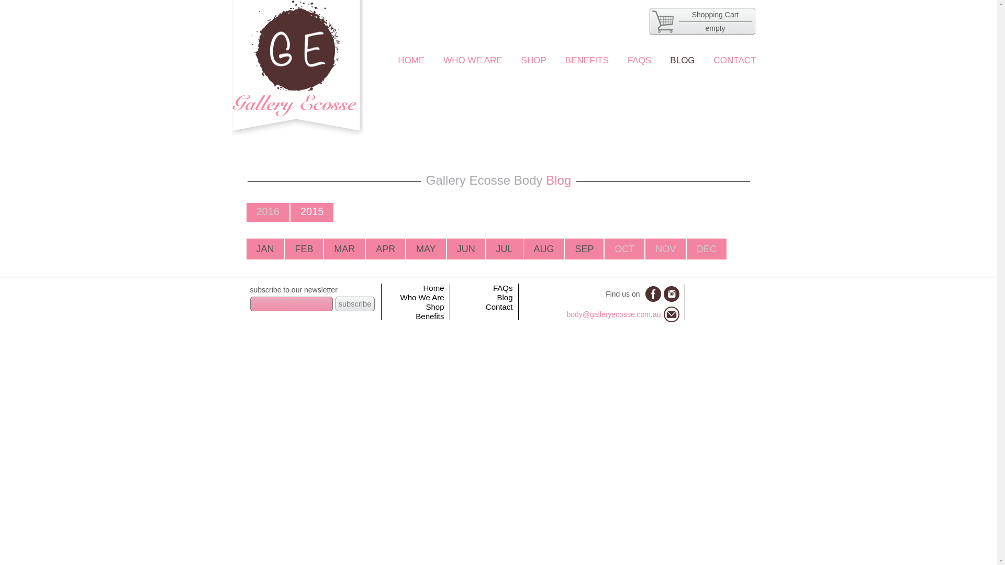  Describe the element at coordinates (385, 248) in the screenshot. I see `'APR'` at that location.